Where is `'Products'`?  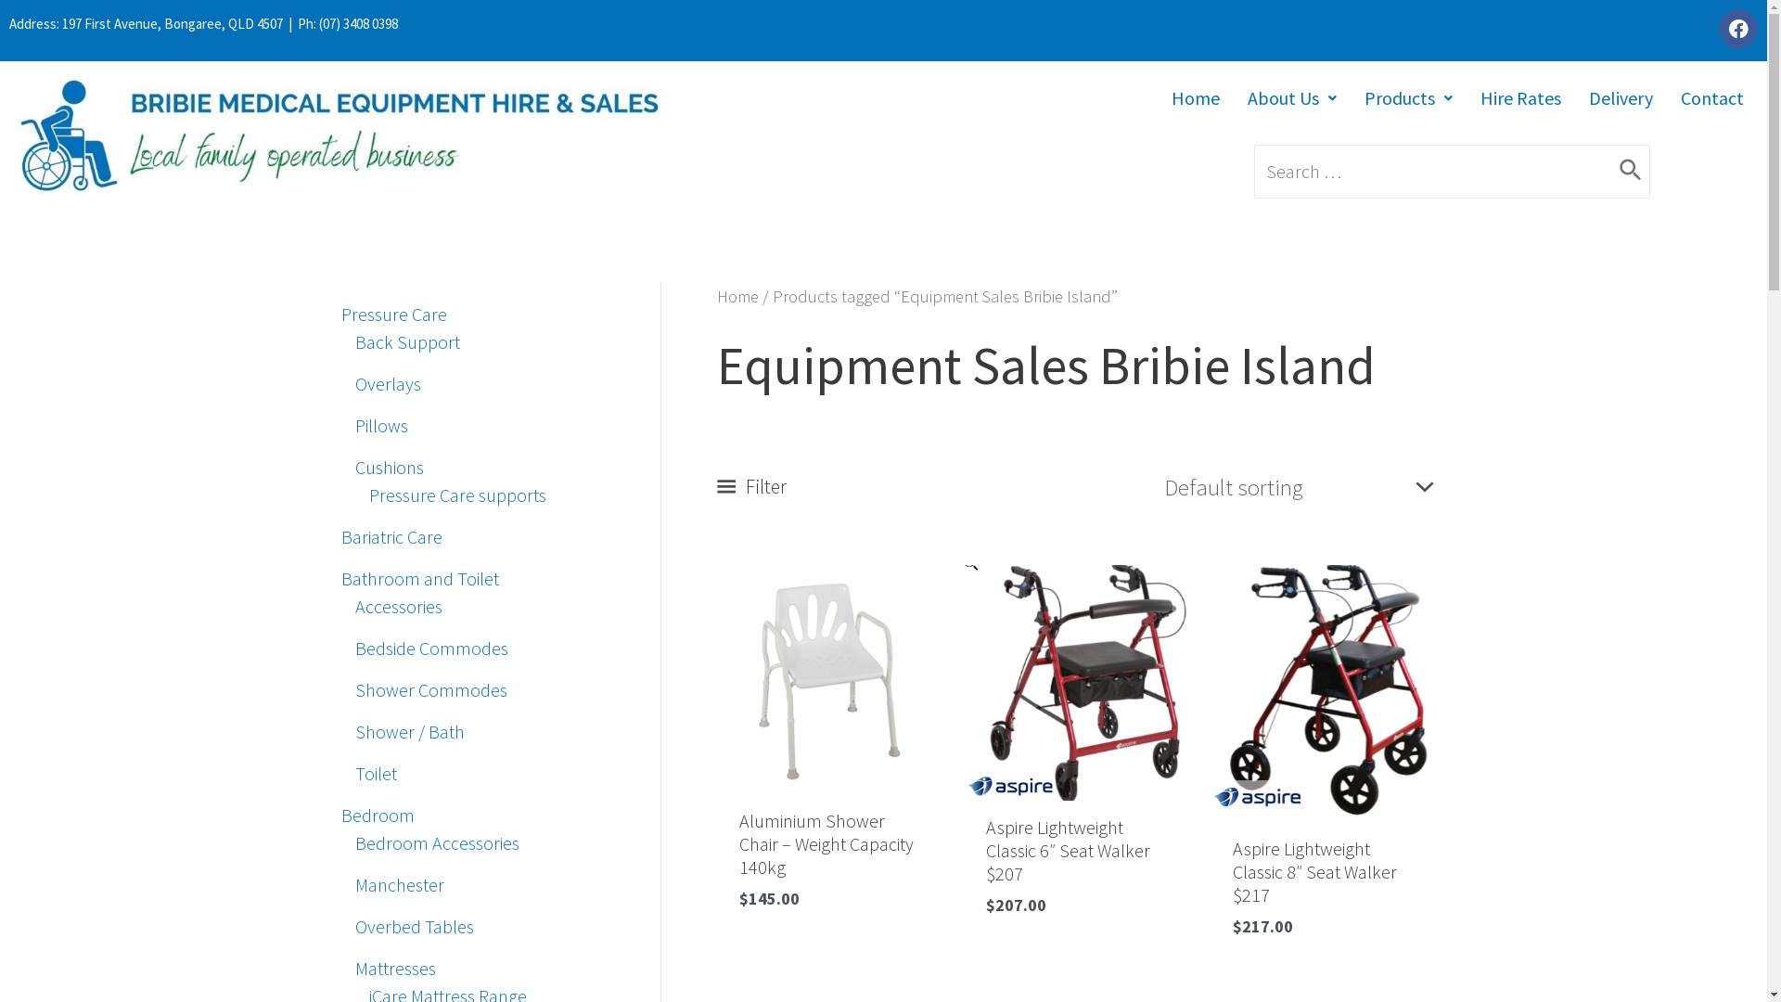 'Products' is located at coordinates (1408, 97).